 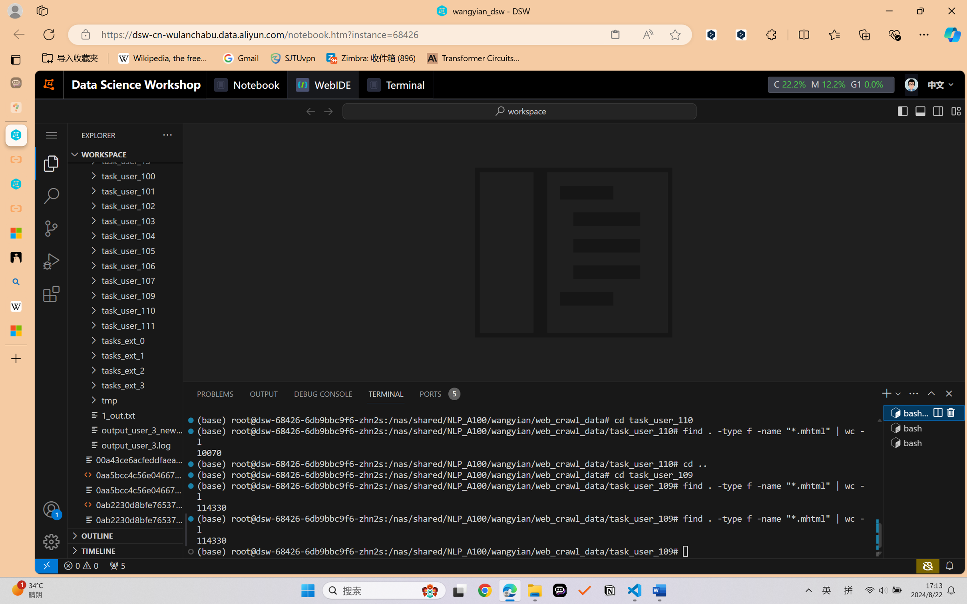 What do you see at coordinates (937, 413) in the screenshot?
I see `'Split (Ctrl+Shift+5)'` at bounding box center [937, 413].